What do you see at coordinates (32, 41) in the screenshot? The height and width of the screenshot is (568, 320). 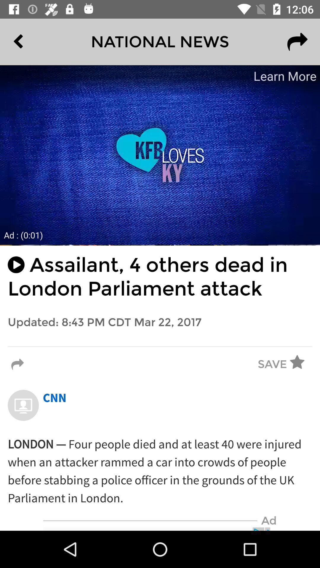 I see `the item to the left of the national news icon` at bounding box center [32, 41].